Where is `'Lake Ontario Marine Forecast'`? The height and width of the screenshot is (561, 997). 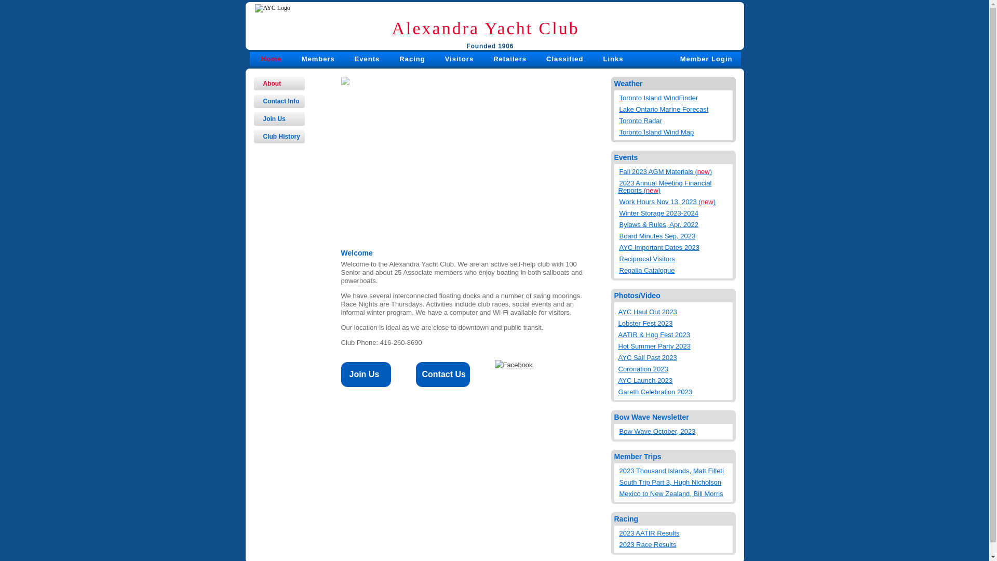 'Lake Ontario Marine Forecast' is located at coordinates (675, 108).